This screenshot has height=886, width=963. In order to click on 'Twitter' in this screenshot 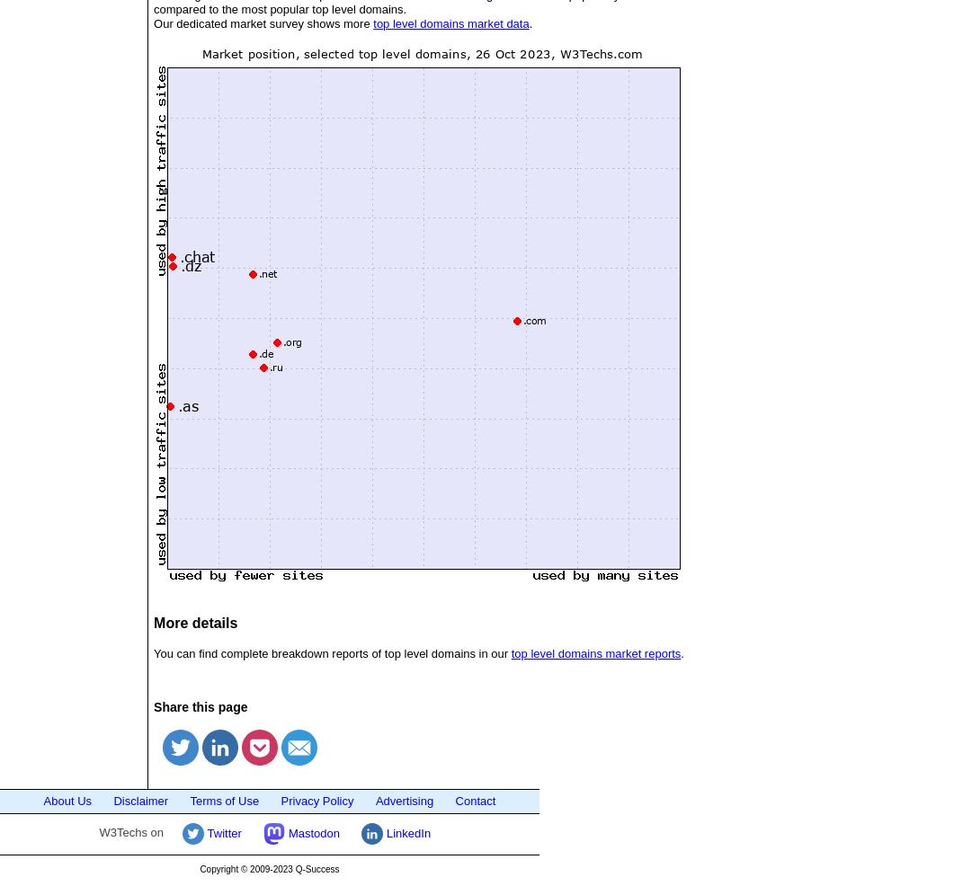, I will do `click(222, 832)`.